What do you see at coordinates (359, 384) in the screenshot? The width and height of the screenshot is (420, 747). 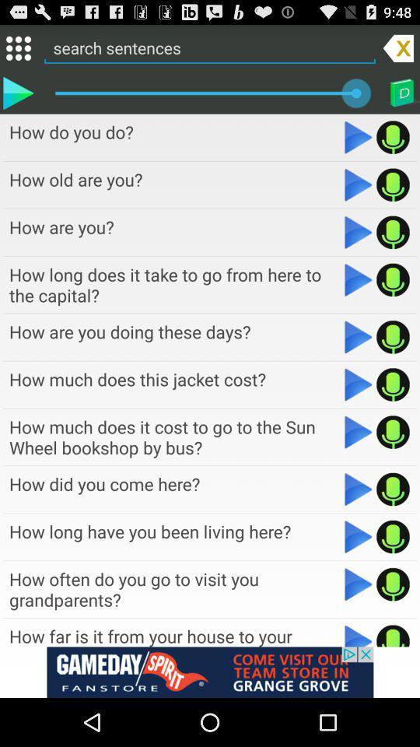 I see `play` at bounding box center [359, 384].